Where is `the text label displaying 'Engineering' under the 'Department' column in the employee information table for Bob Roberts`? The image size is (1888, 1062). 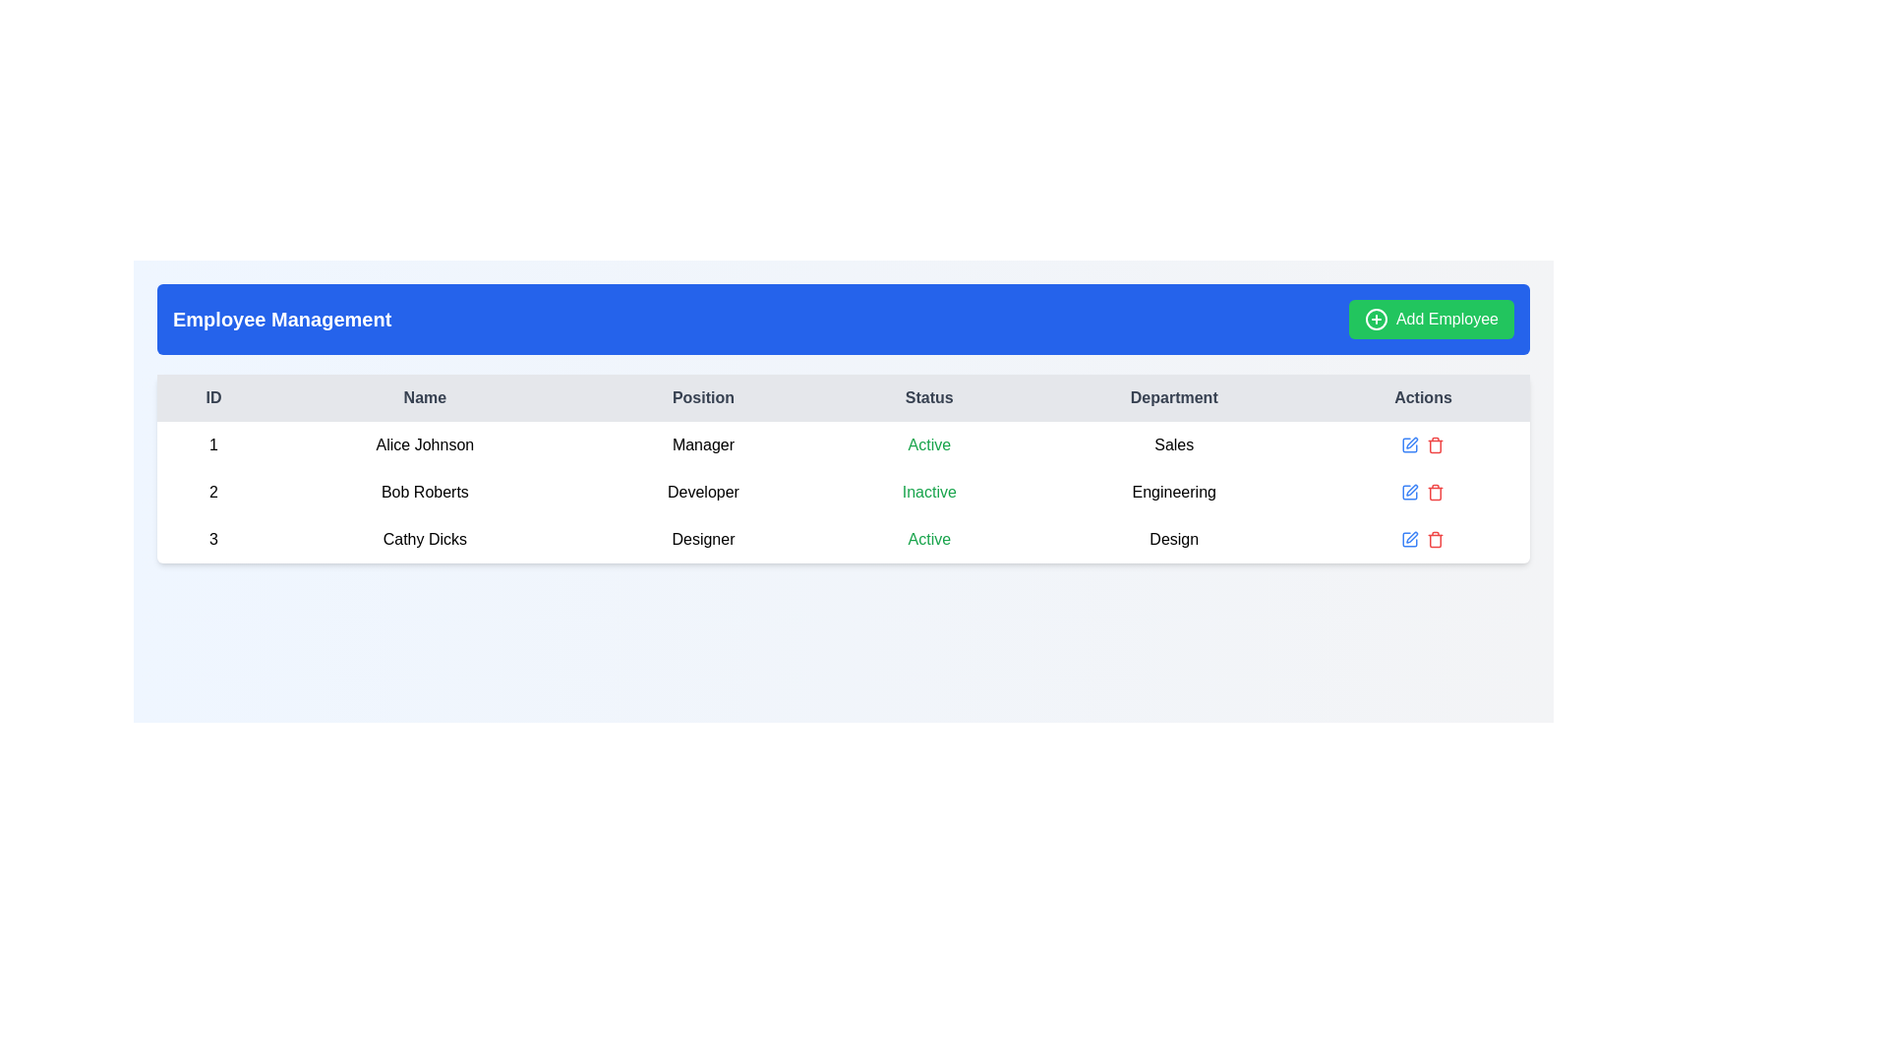 the text label displaying 'Engineering' under the 'Department' column in the employee information table for Bob Roberts is located at coordinates (1174, 492).